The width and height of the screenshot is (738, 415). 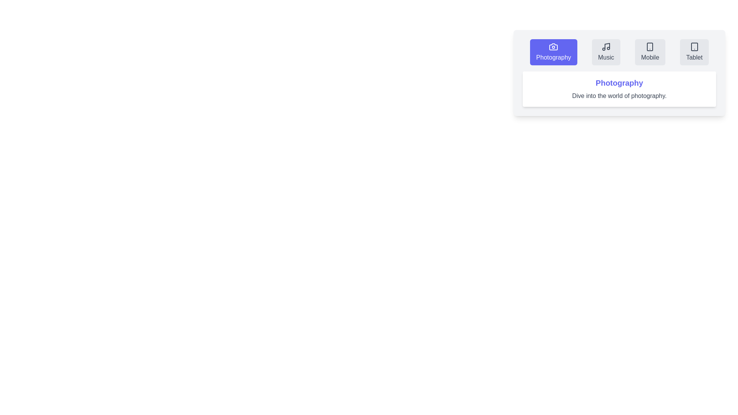 What do you see at coordinates (553, 52) in the screenshot?
I see `the tab labeled Photography` at bounding box center [553, 52].